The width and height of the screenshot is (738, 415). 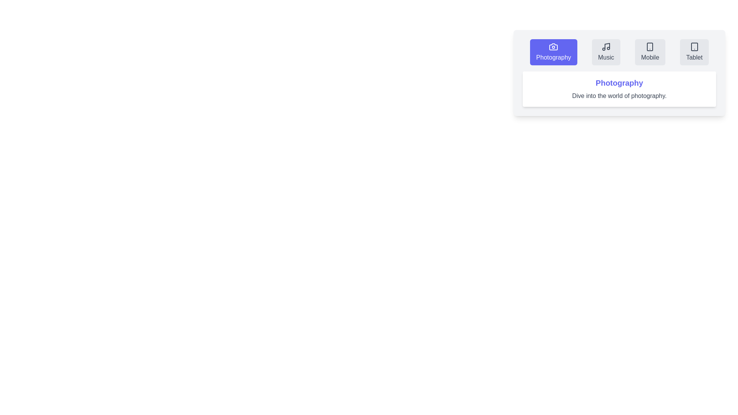 What do you see at coordinates (553, 52) in the screenshot?
I see `the tab labeled Photography` at bounding box center [553, 52].